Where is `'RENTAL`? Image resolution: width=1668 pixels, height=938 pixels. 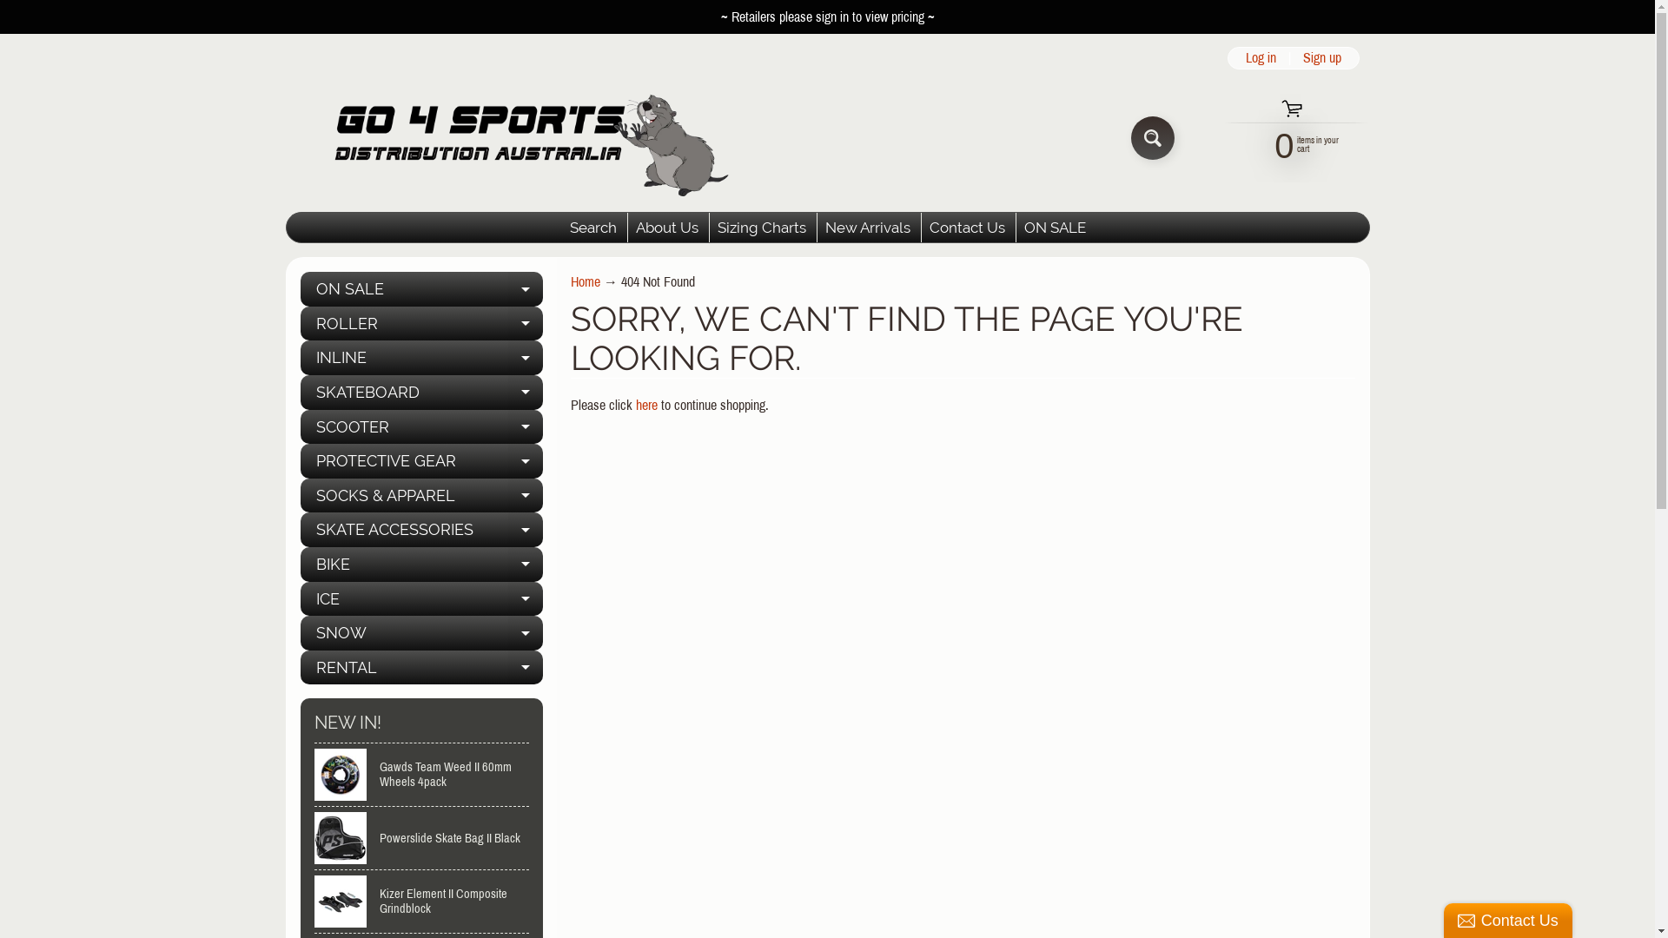
'RENTAL is located at coordinates (421, 666).